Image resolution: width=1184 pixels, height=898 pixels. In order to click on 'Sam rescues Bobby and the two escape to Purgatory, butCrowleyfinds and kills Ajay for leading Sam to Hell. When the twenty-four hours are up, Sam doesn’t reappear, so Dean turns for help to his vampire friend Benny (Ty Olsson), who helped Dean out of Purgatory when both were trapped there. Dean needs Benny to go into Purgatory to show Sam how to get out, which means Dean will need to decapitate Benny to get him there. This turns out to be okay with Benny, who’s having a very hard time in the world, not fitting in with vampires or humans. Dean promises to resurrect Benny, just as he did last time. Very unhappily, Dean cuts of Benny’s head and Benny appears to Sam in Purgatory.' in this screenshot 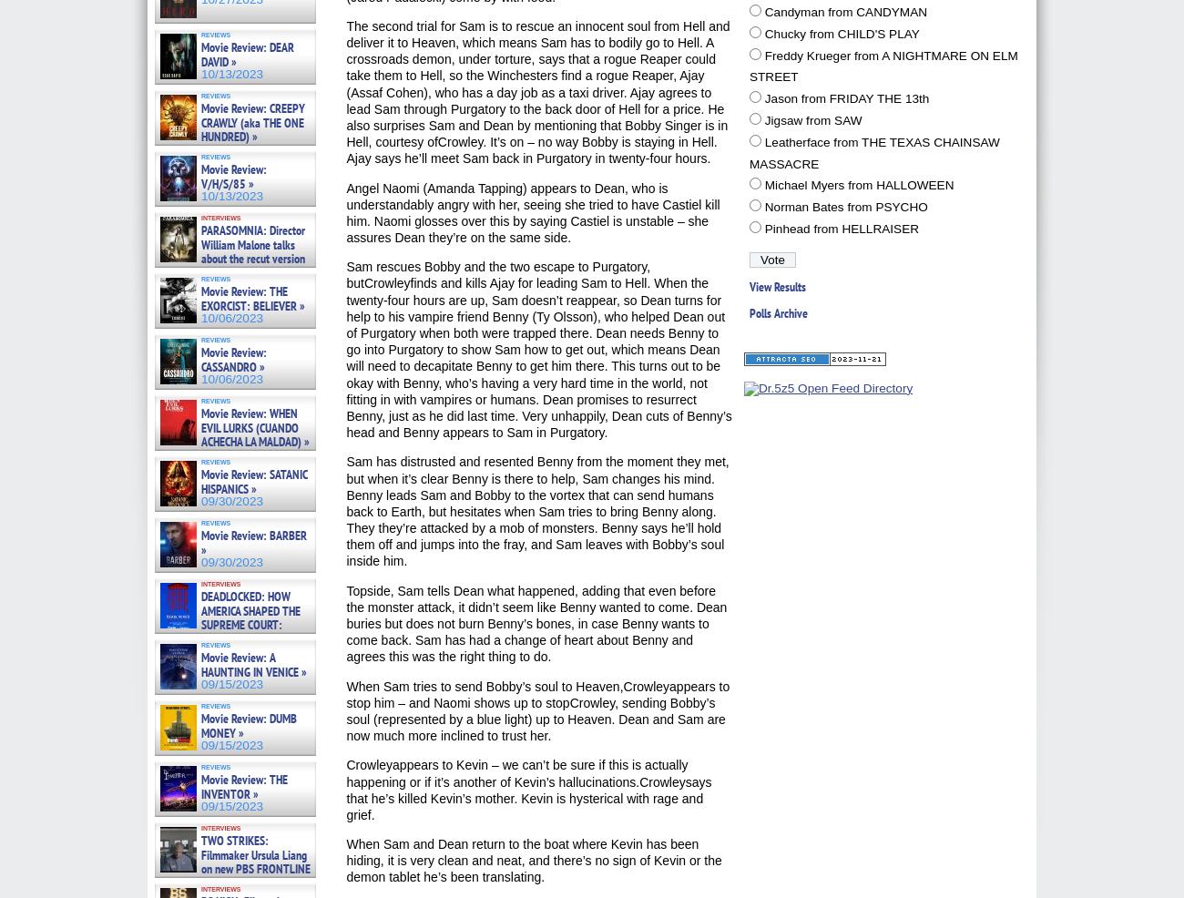, I will do `click(537, 349)`.